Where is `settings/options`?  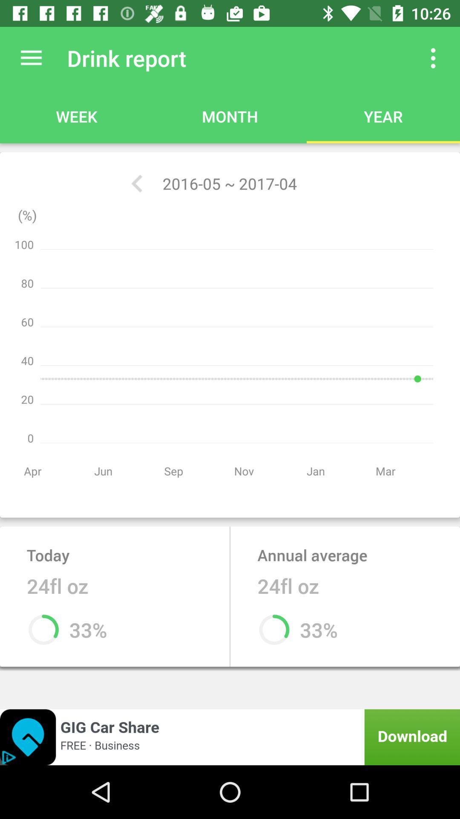 settings/options is located at coordinates (31, 58).